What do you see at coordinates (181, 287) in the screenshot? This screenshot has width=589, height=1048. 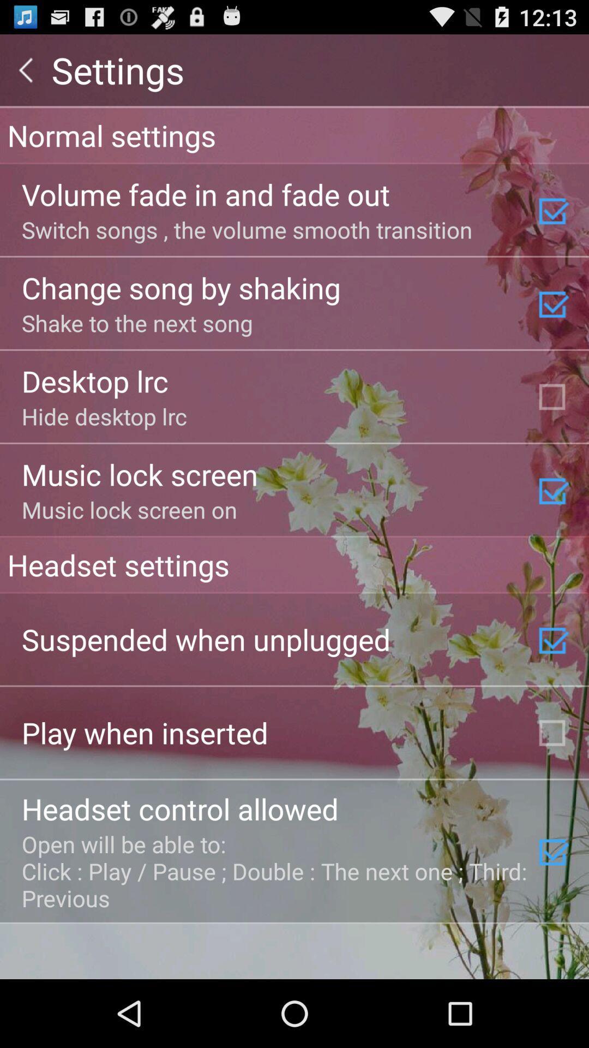 I see `icon above the shake to the icon` at bounding box center [181, 287].